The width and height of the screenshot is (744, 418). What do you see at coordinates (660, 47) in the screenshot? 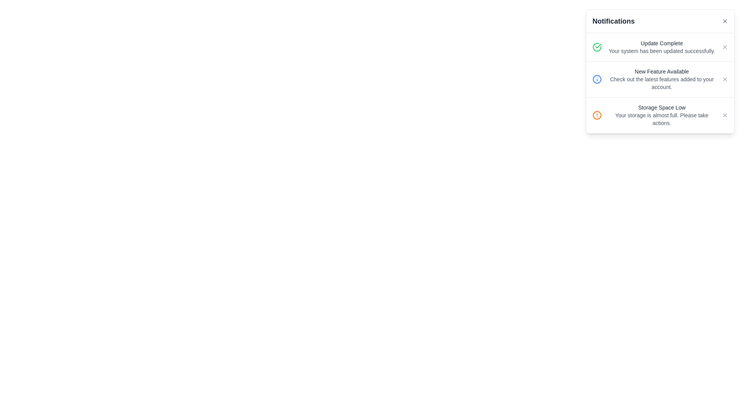
I see `the Notification block titled 'Update Complete'` at bounding box center [660, 47].